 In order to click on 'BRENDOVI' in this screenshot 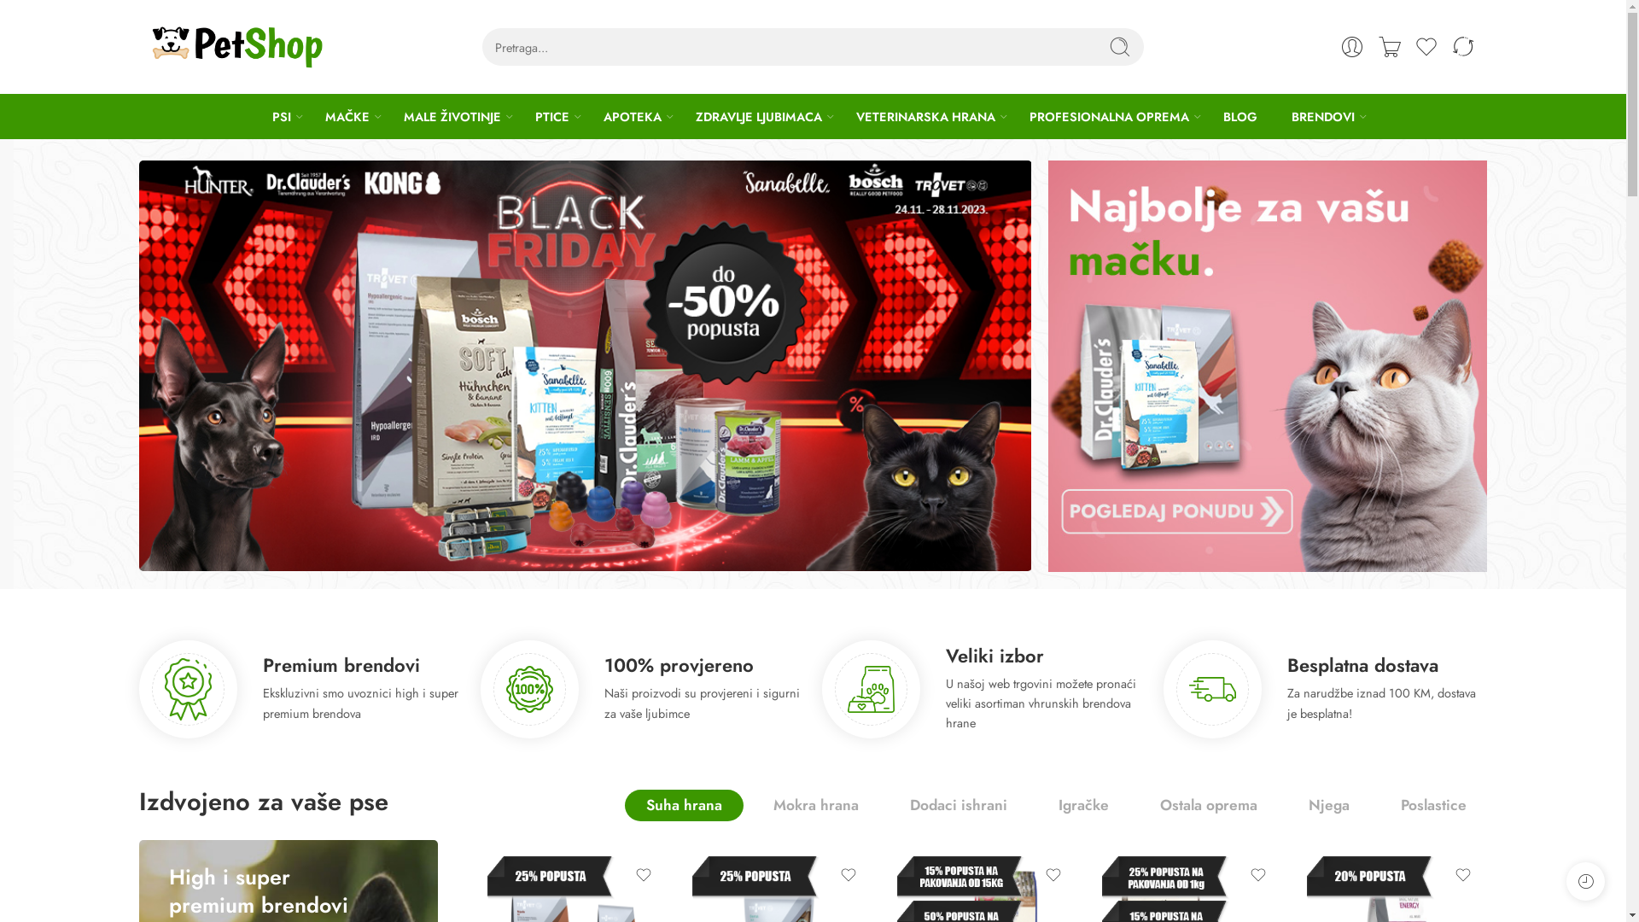, I will do `click(1321, 115)`.